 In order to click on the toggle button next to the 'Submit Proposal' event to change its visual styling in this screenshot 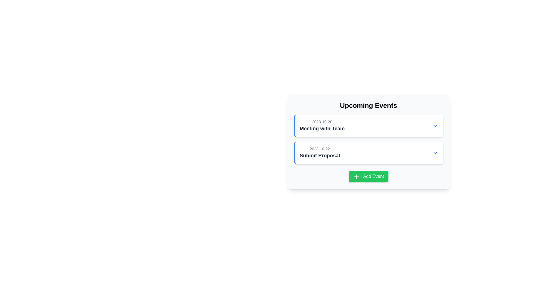, I will do `click(435, 153)`.